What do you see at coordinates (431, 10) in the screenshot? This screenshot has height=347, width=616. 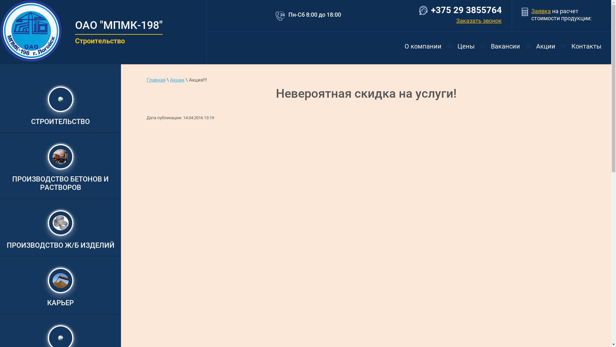 I see `'+375 29 3855764'` at bounding box center [431, 10].